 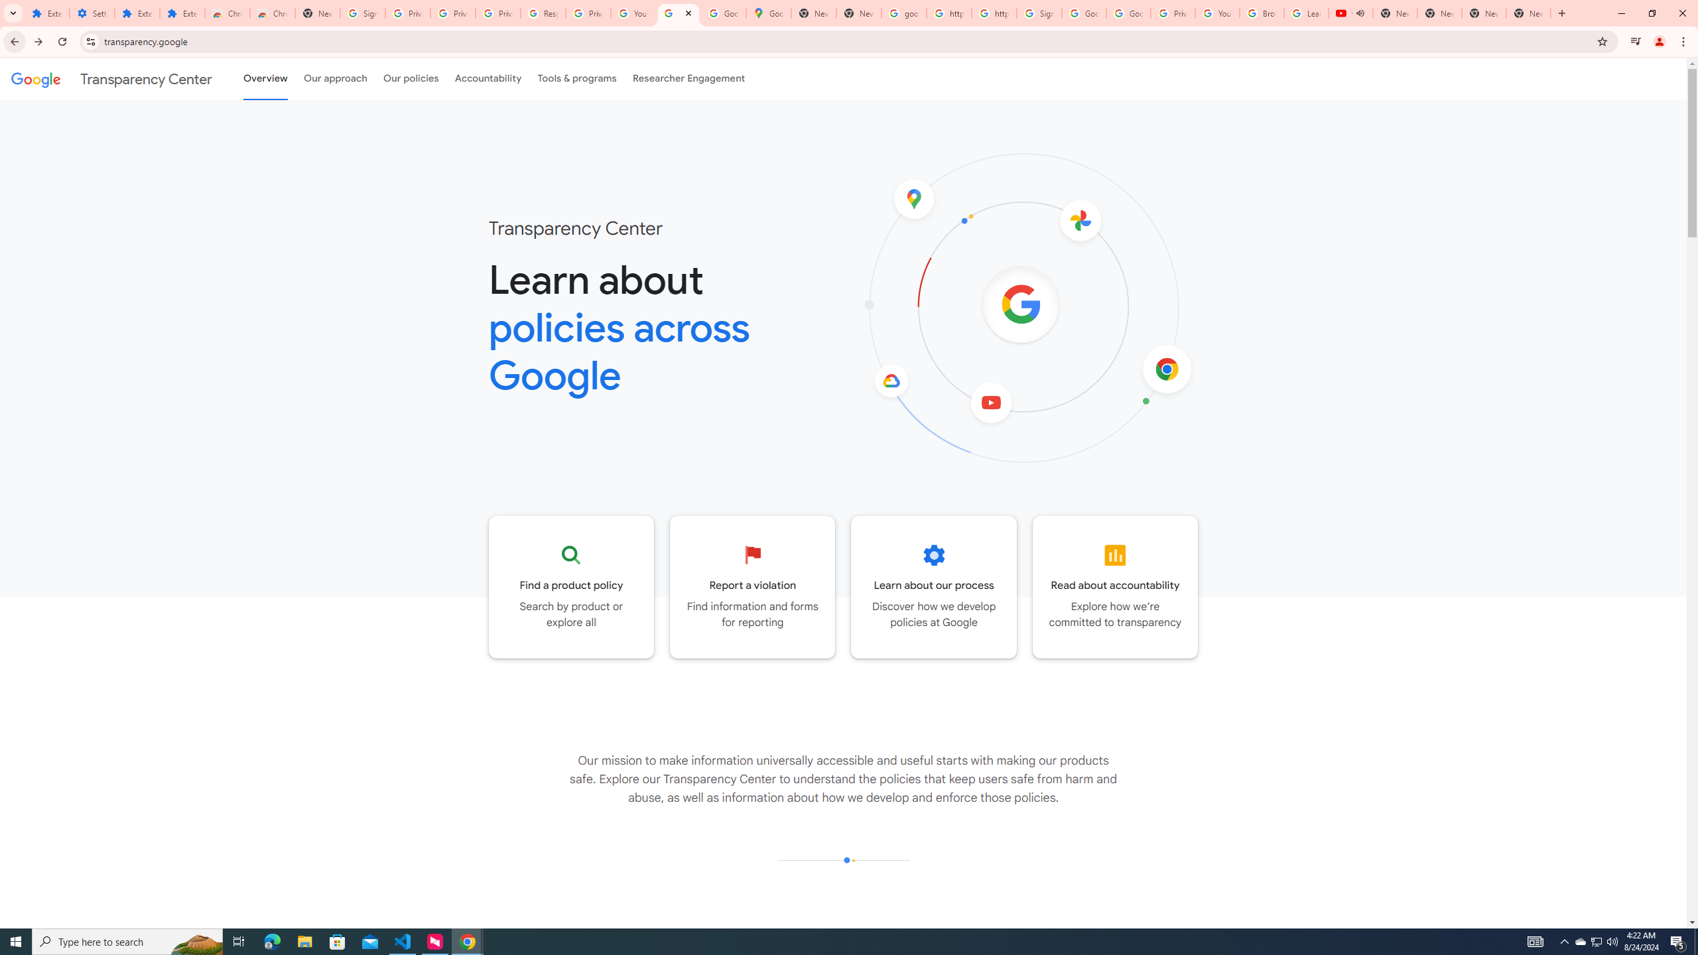 What do you see at coordinates (576, 78) in the screenshot?
I see `'Tools & programs'` at bounding box center [576, 78].